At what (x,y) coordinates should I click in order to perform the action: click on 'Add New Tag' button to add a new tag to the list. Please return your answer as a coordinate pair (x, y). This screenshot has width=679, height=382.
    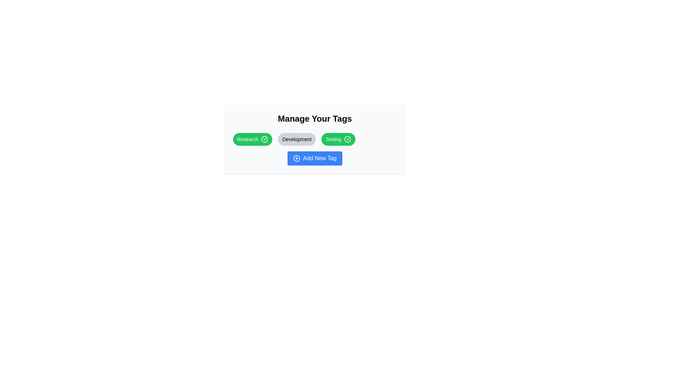
    Looking at the image, I should click on (314, 158).